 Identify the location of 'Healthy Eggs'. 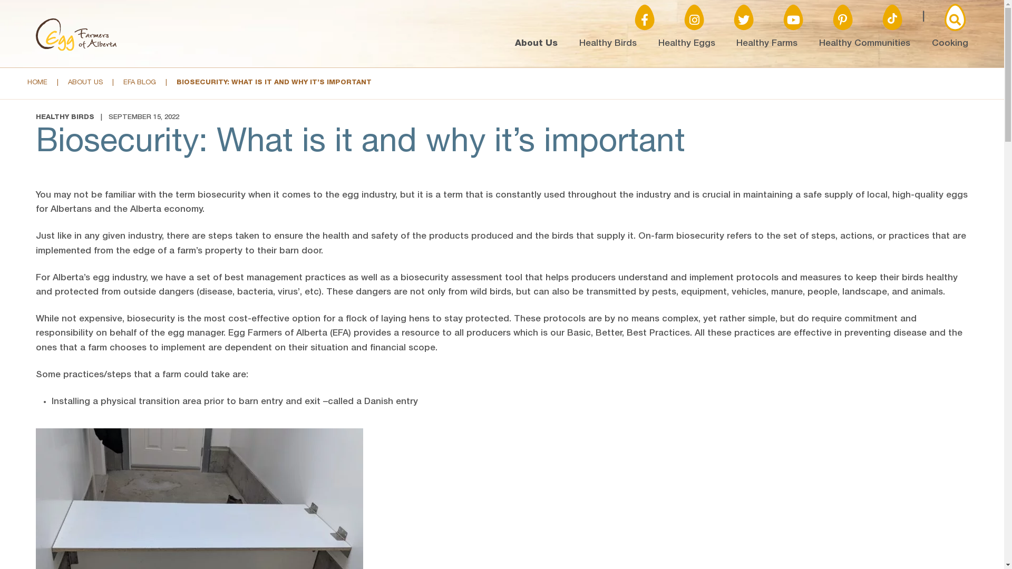
(686, 43).